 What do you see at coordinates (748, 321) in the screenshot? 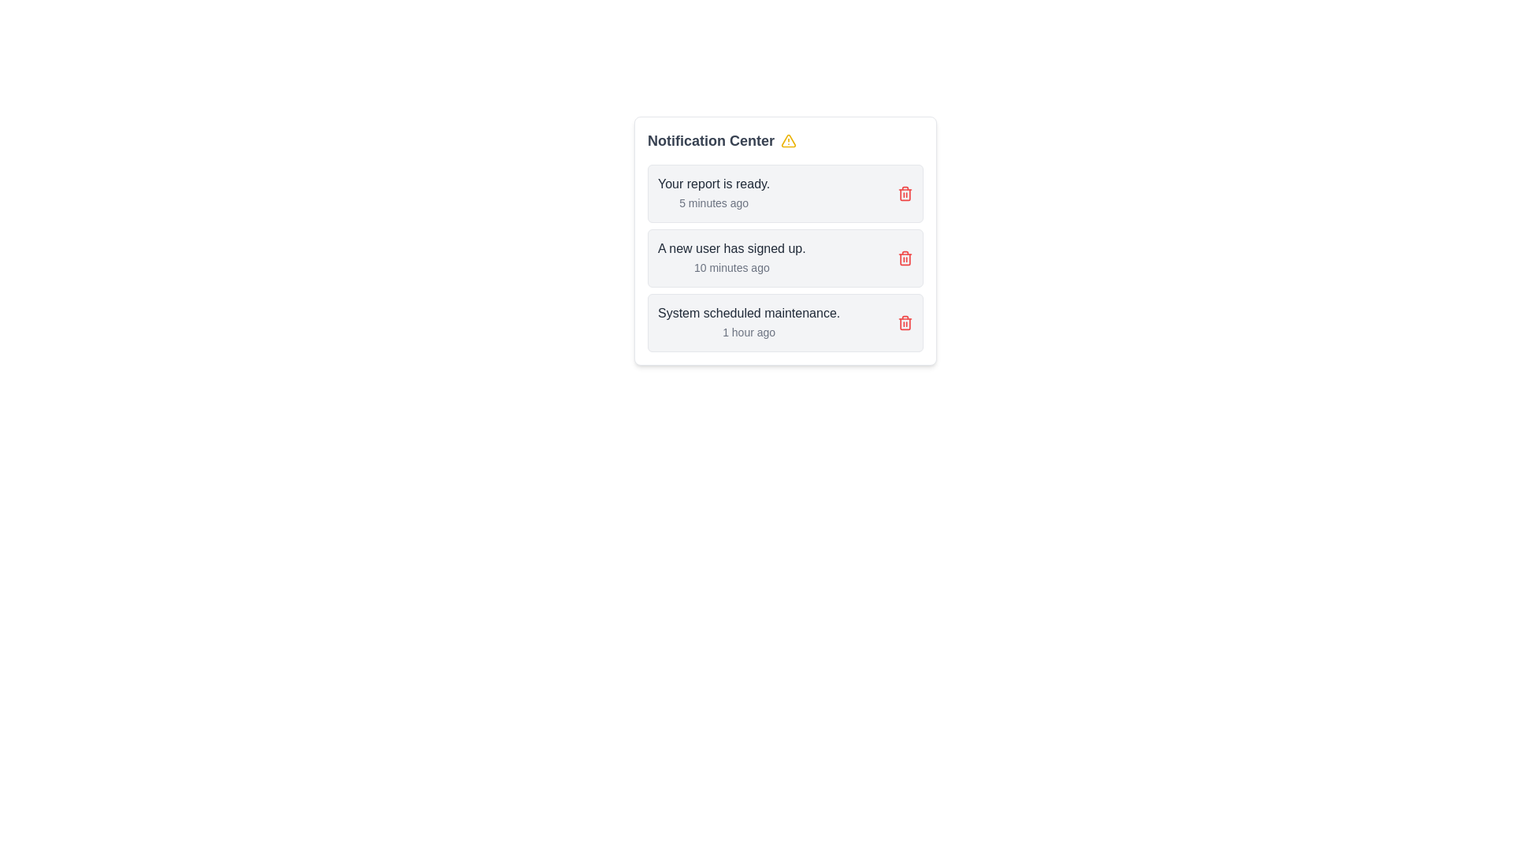
I see `the text block displaying a notification message about system maintenance, which is located in the third notification of the 'Notification Center' interface` at bounding box center [748, 321].